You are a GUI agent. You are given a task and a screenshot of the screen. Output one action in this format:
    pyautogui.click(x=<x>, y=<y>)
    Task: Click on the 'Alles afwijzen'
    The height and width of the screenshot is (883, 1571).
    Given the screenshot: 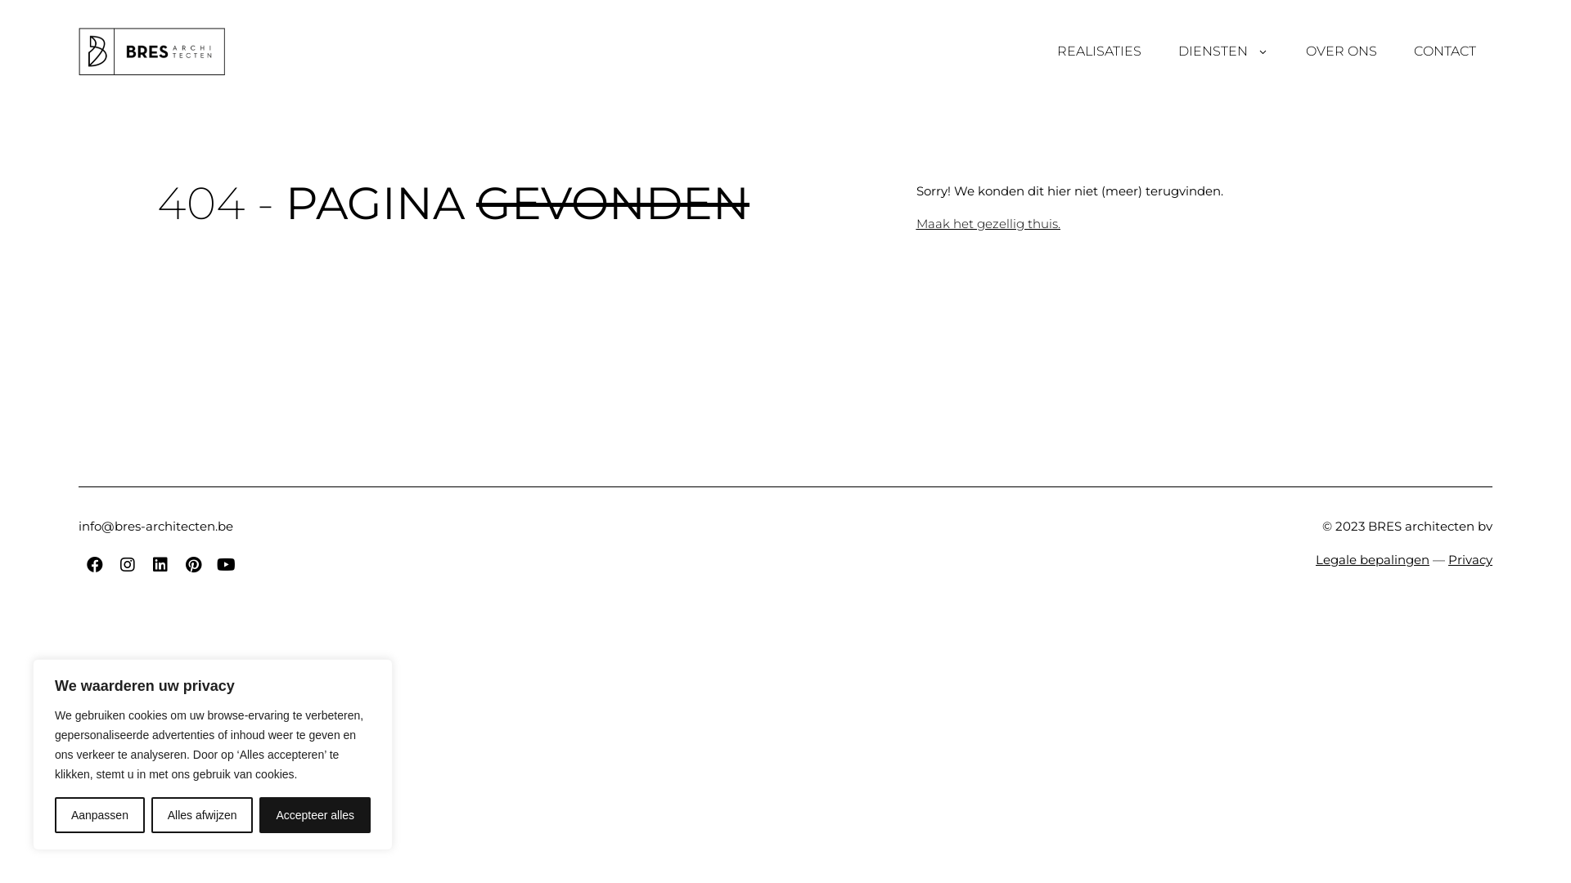 What is the action you would take?
    pyautogui.click(x=201, y=814)
    